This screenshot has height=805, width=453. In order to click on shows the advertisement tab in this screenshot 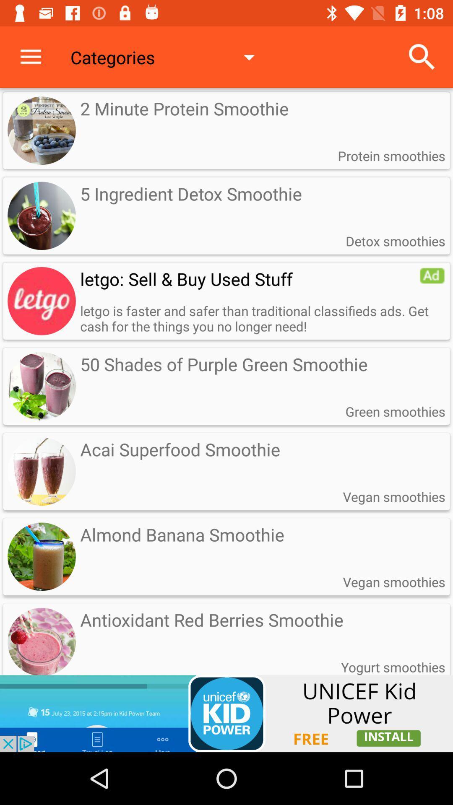, I will do `click(226, 713)`.